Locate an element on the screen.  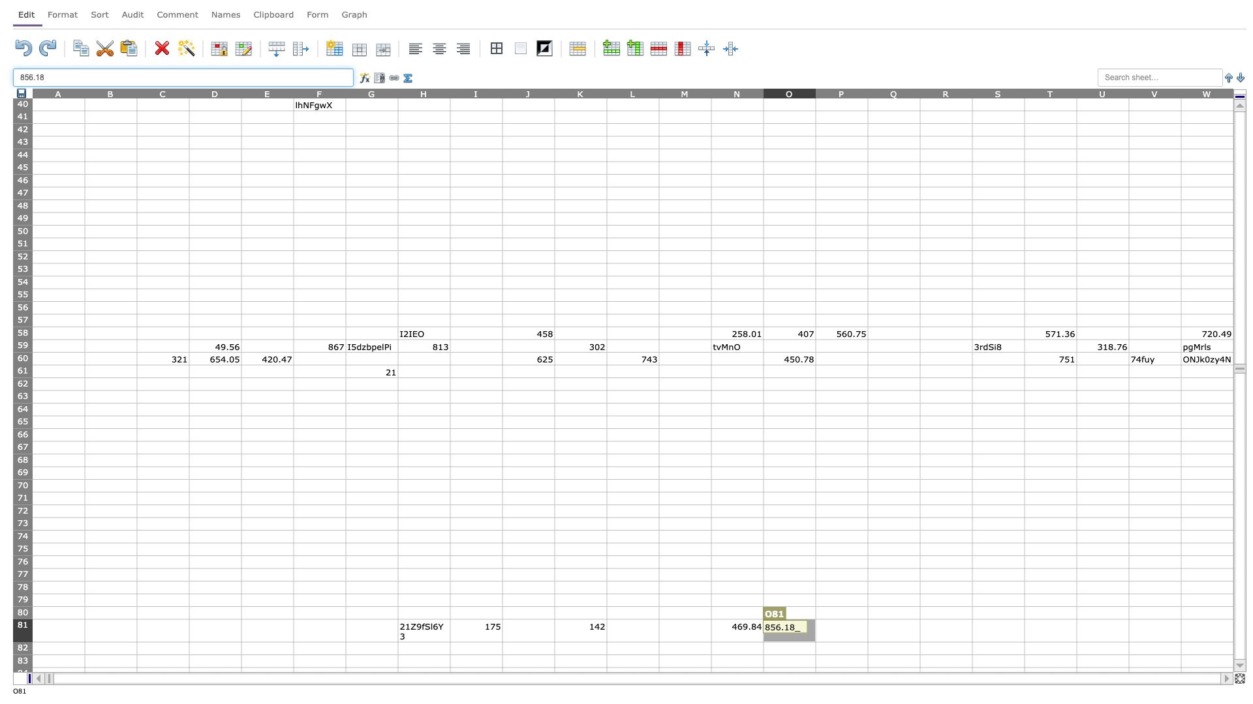
Right edge of P-81 is located at coordinates (867, 630).